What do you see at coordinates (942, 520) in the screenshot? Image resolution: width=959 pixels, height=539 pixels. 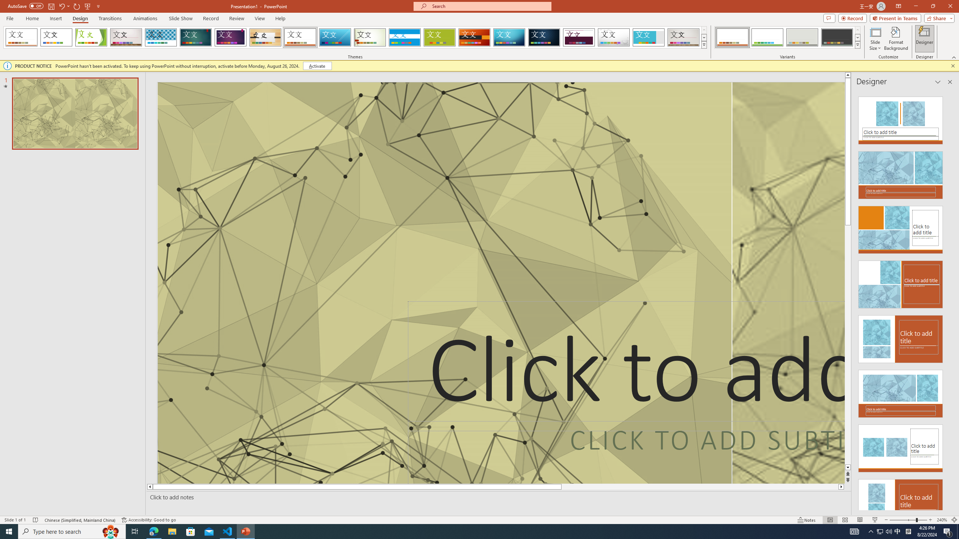 I see `'Zoom 240%'` at bounding box center [942, 520].